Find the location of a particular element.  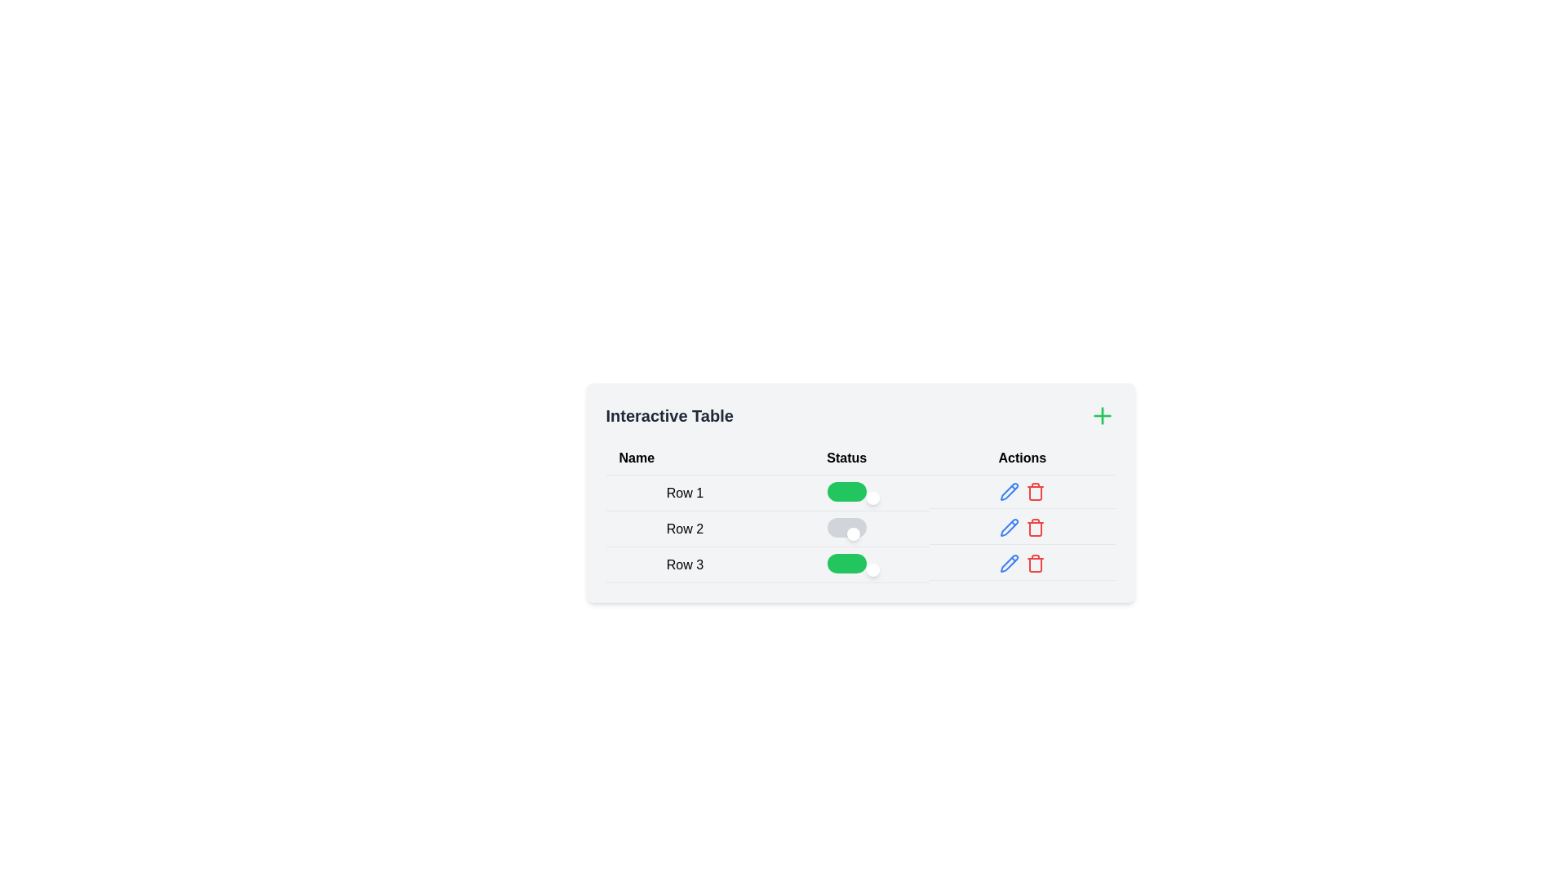

the circular white toggle knob located in the second row under the 'Status' column is located at coordinates (852, 534).